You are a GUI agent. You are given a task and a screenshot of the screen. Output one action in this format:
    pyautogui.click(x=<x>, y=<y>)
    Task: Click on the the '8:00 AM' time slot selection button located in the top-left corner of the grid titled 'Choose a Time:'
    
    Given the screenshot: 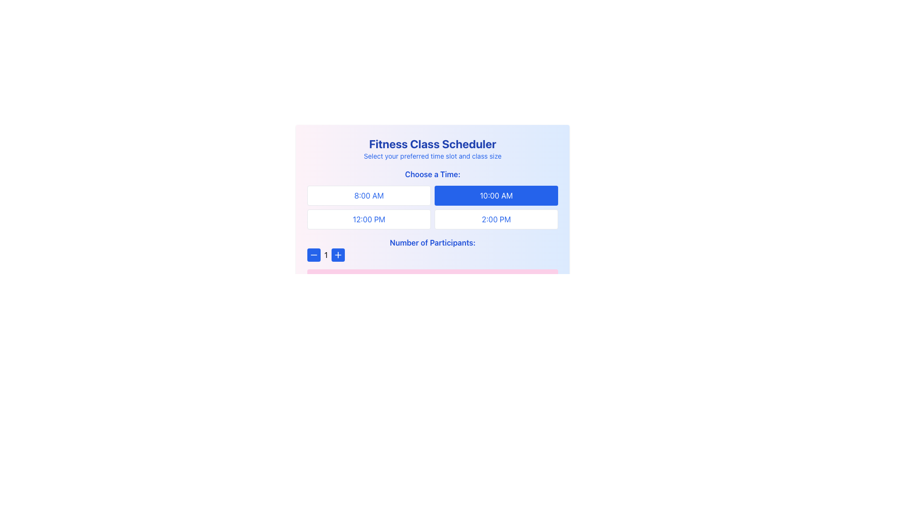 What is the action you would take?
    pyautogui.click(x=369, y=195)
    